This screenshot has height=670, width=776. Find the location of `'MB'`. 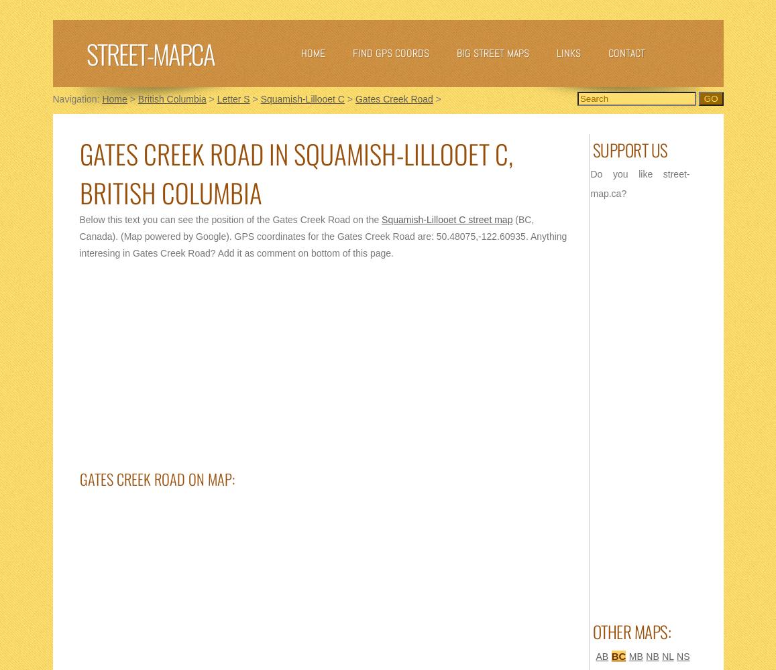

'MB' is located at coordinates (634, 656).